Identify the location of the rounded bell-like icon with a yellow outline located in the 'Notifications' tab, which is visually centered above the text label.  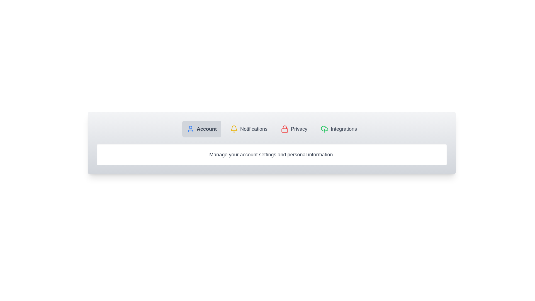
(234, 128).